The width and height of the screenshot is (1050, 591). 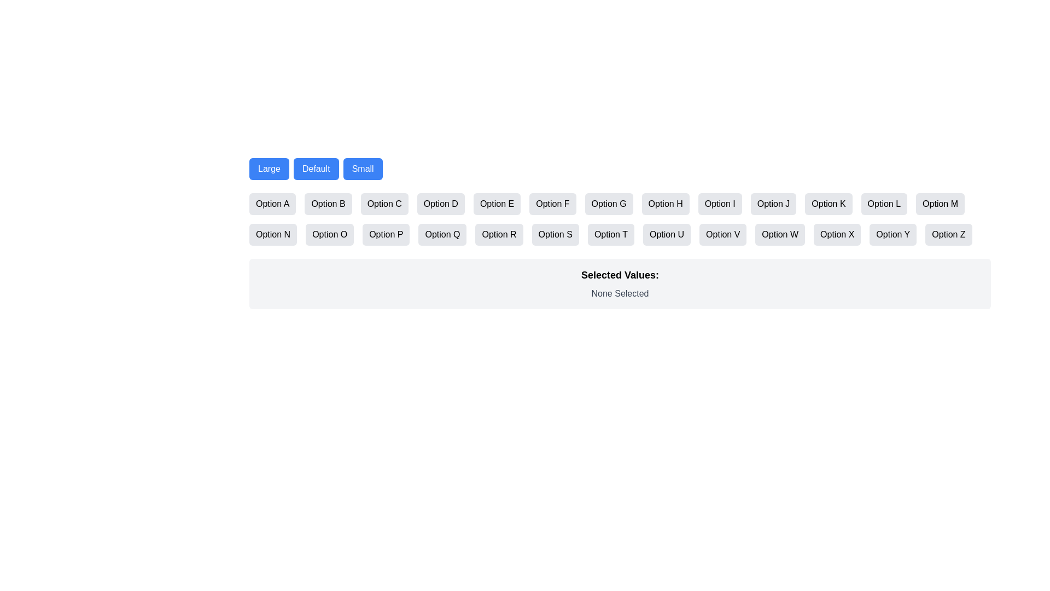 What do you see at coordinates (779, 234) in the screenshot?
I see `the 'Option W' button, which is the sixth button in the second row of a grid of selectable options` at bounding box center [779, 234].